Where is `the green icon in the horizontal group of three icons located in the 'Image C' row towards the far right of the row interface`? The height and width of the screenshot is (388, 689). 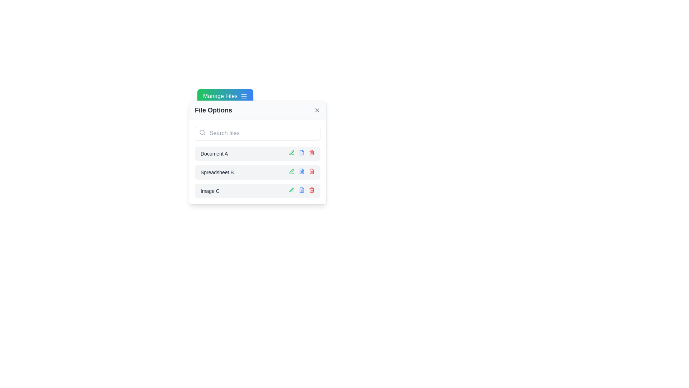
the green icon in the horizontal group of three icons located in the 'Image C' row towards the far right of the row interface is located at coordinates (301, 191).